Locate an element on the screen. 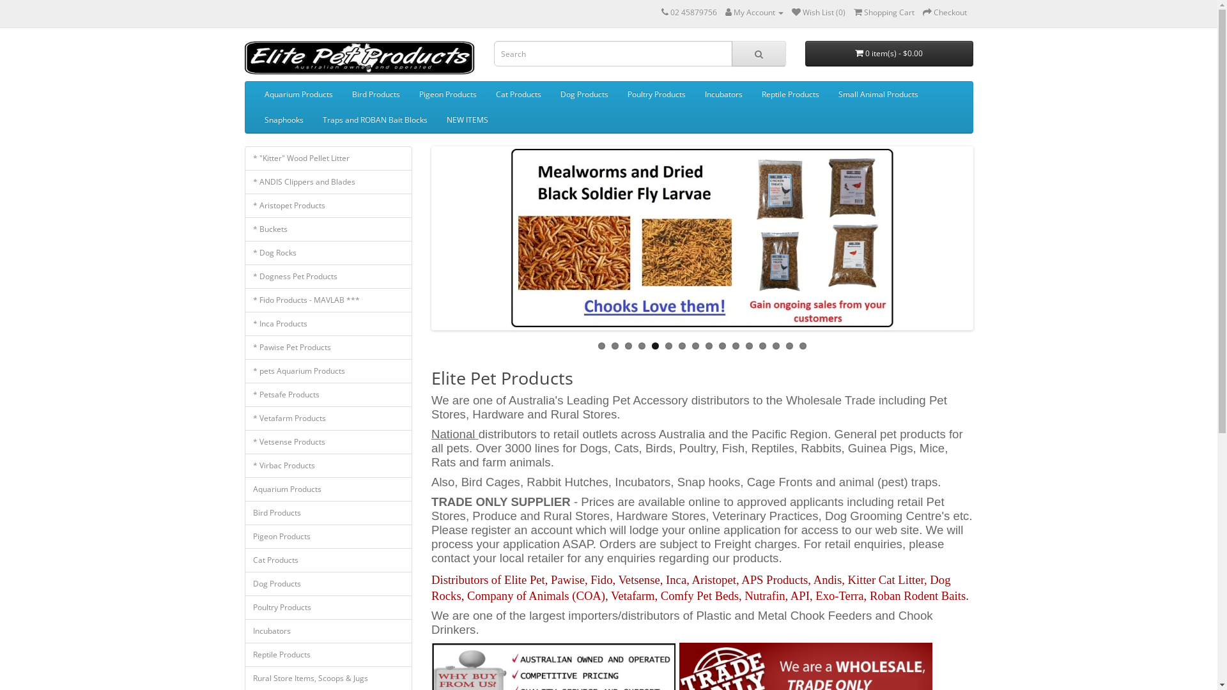 The height and width of the screenshot is (690, 1227). 'Checkout' is located at coordinates (945, 12).